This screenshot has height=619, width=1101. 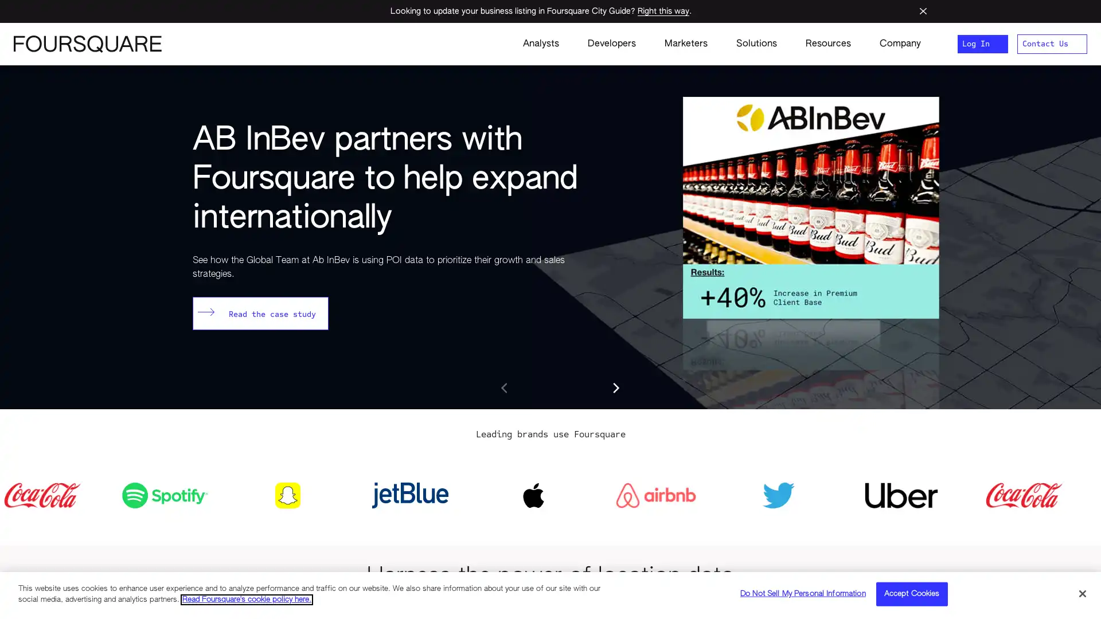 I want to click on Accept Cookies, so click(x=911, y=593).